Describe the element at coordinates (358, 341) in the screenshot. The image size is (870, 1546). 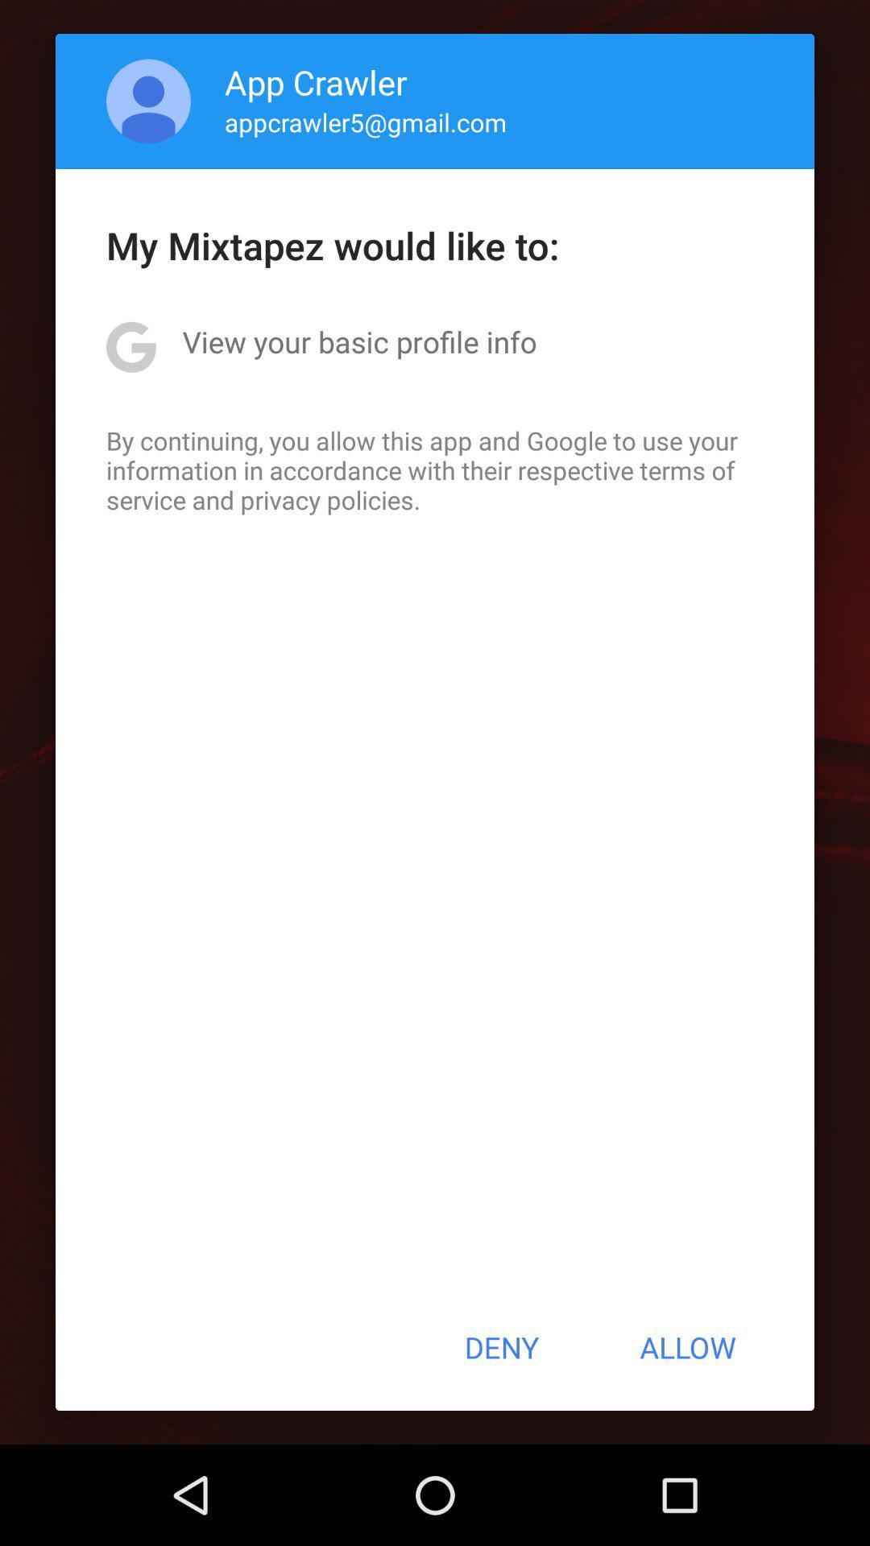
I see `item below my mixtapez would app` at that location.